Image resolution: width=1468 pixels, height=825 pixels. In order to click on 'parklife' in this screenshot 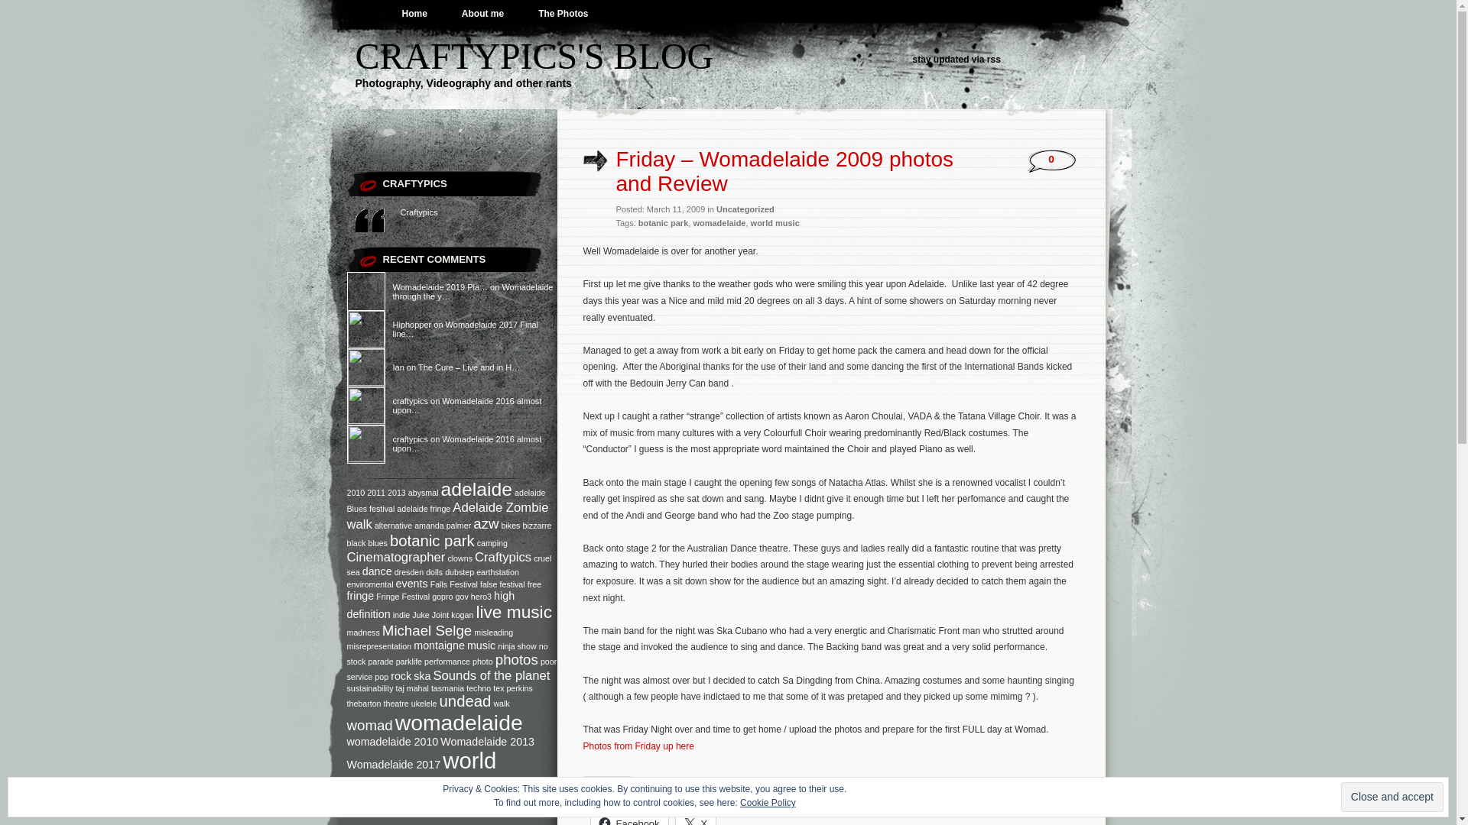, I will do `click(408, 661)`.